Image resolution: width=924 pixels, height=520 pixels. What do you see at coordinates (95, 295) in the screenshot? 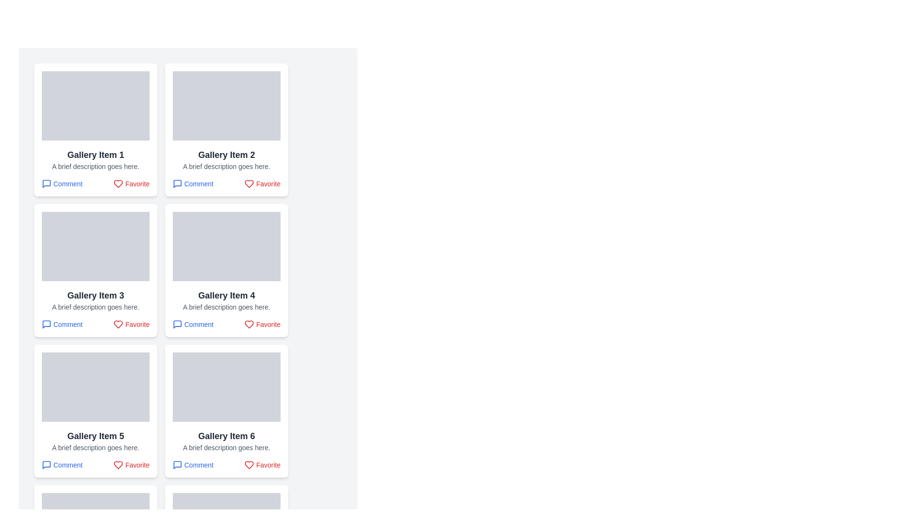
I see `text label that serves as the title or heading for the card, located in the second row and first column of the grid, below the image placeholder and above the description text` at bounding box center [95, 295].